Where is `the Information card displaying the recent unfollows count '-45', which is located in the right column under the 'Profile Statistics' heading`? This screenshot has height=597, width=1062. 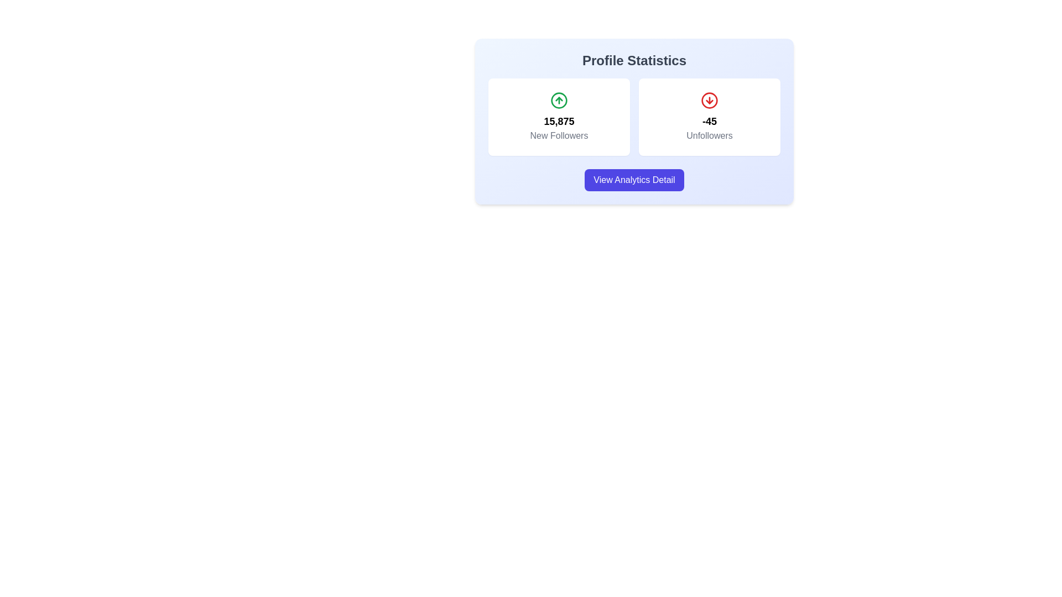
the Information card displaying the recent unfollows count '-45', which is located in the right column under the 'Profile Statistics' heading is located at coordinates (709, 117).